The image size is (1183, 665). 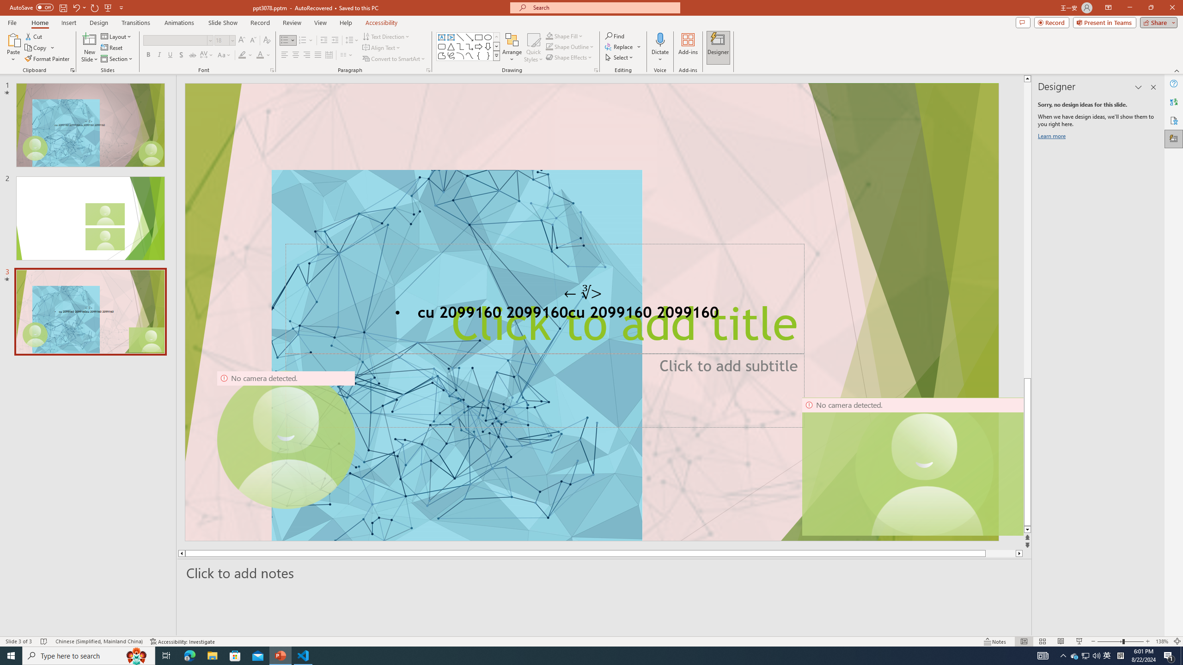 What do you see at coordinates (1053, 138) in the screenshot?
I see `'Learn more'` at bounding box center [1053, 138].